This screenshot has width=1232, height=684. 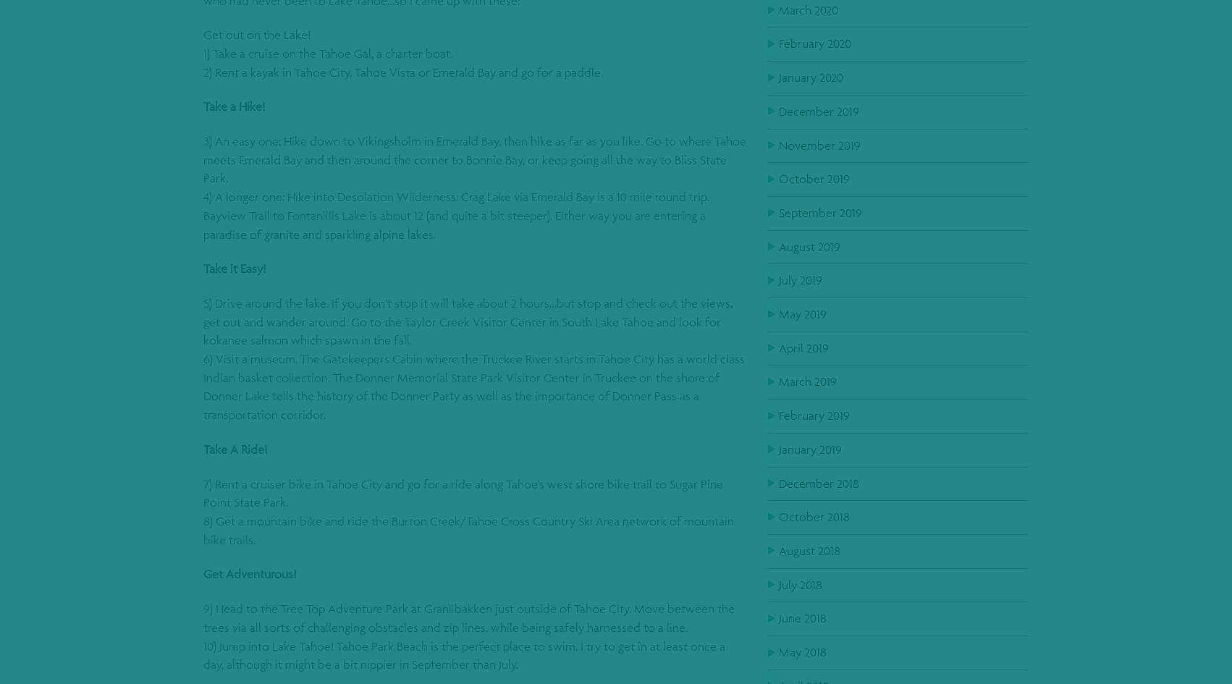 What do you see at coordinates (818, 110) in the screenshot?
I see `'December 2019'` at bounding box center [818, 110].